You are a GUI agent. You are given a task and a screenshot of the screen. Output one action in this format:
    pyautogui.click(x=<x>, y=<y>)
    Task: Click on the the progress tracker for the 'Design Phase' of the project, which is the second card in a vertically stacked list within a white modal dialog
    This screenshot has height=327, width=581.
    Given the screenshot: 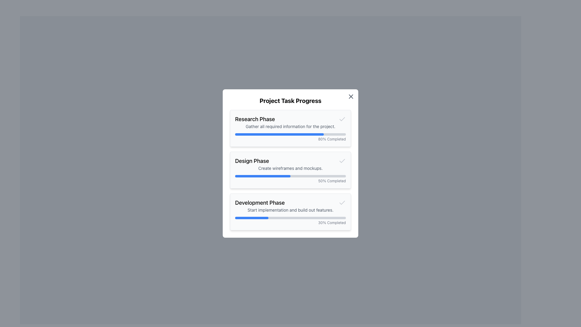 What is the action you would take?
    pyautogui.click(x=290, y=163)
    